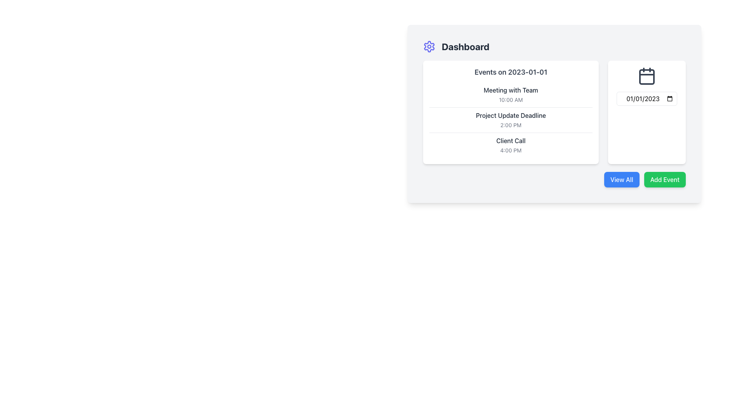  What do you see at coordinates (511, 115) in the screenshot?
I see `the text label indicating 'Project Update Deadline', which is positioned above '2:00 PM' in the central calendar of the dashboard` at bounding box center [511, 115].